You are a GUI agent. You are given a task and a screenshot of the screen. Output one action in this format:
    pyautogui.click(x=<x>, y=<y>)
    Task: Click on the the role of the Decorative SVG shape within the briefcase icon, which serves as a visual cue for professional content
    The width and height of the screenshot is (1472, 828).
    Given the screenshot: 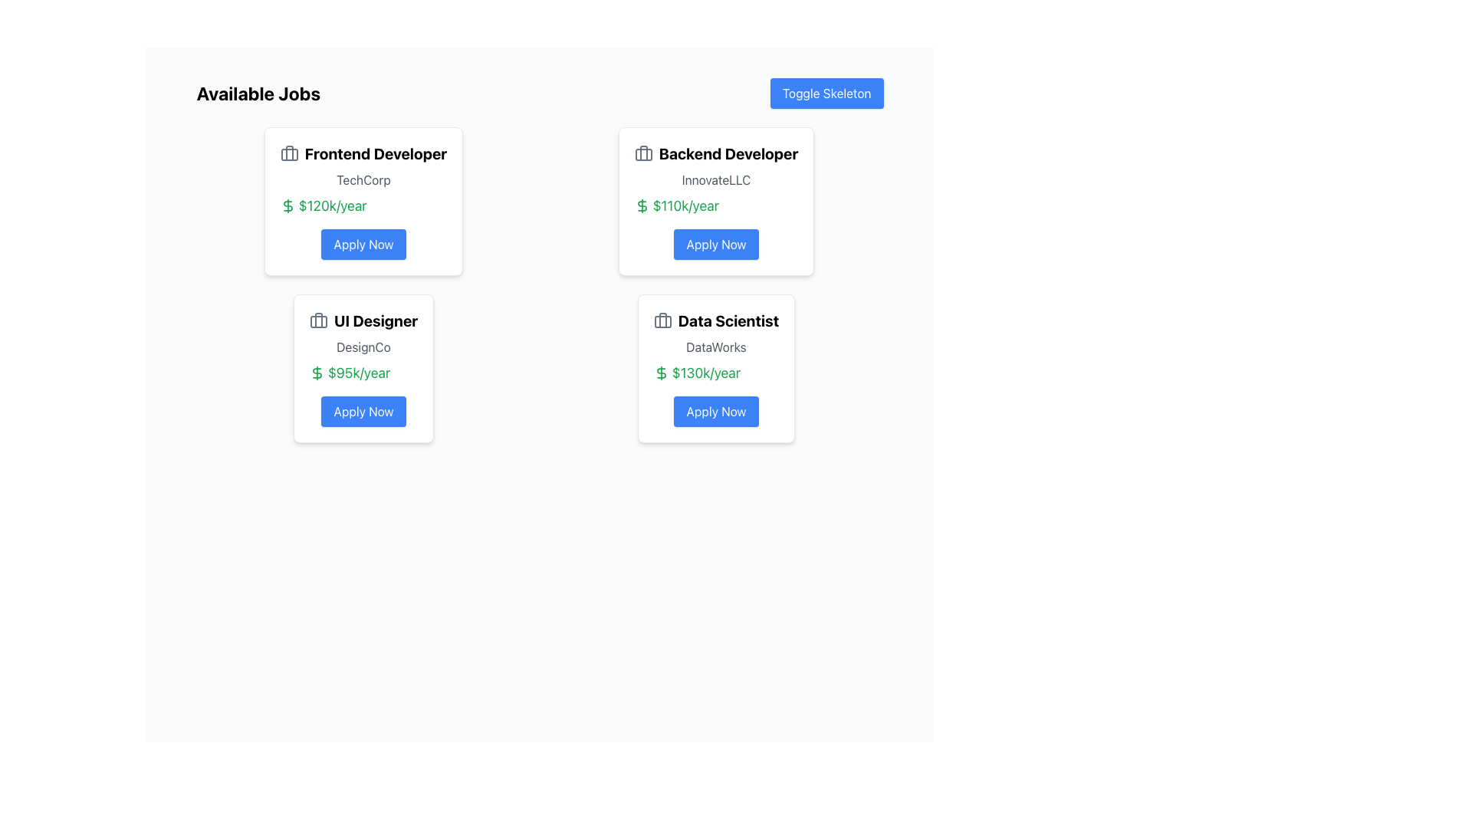 What is the action you would take?
    pyautogui.click(x=643, y=154)
    